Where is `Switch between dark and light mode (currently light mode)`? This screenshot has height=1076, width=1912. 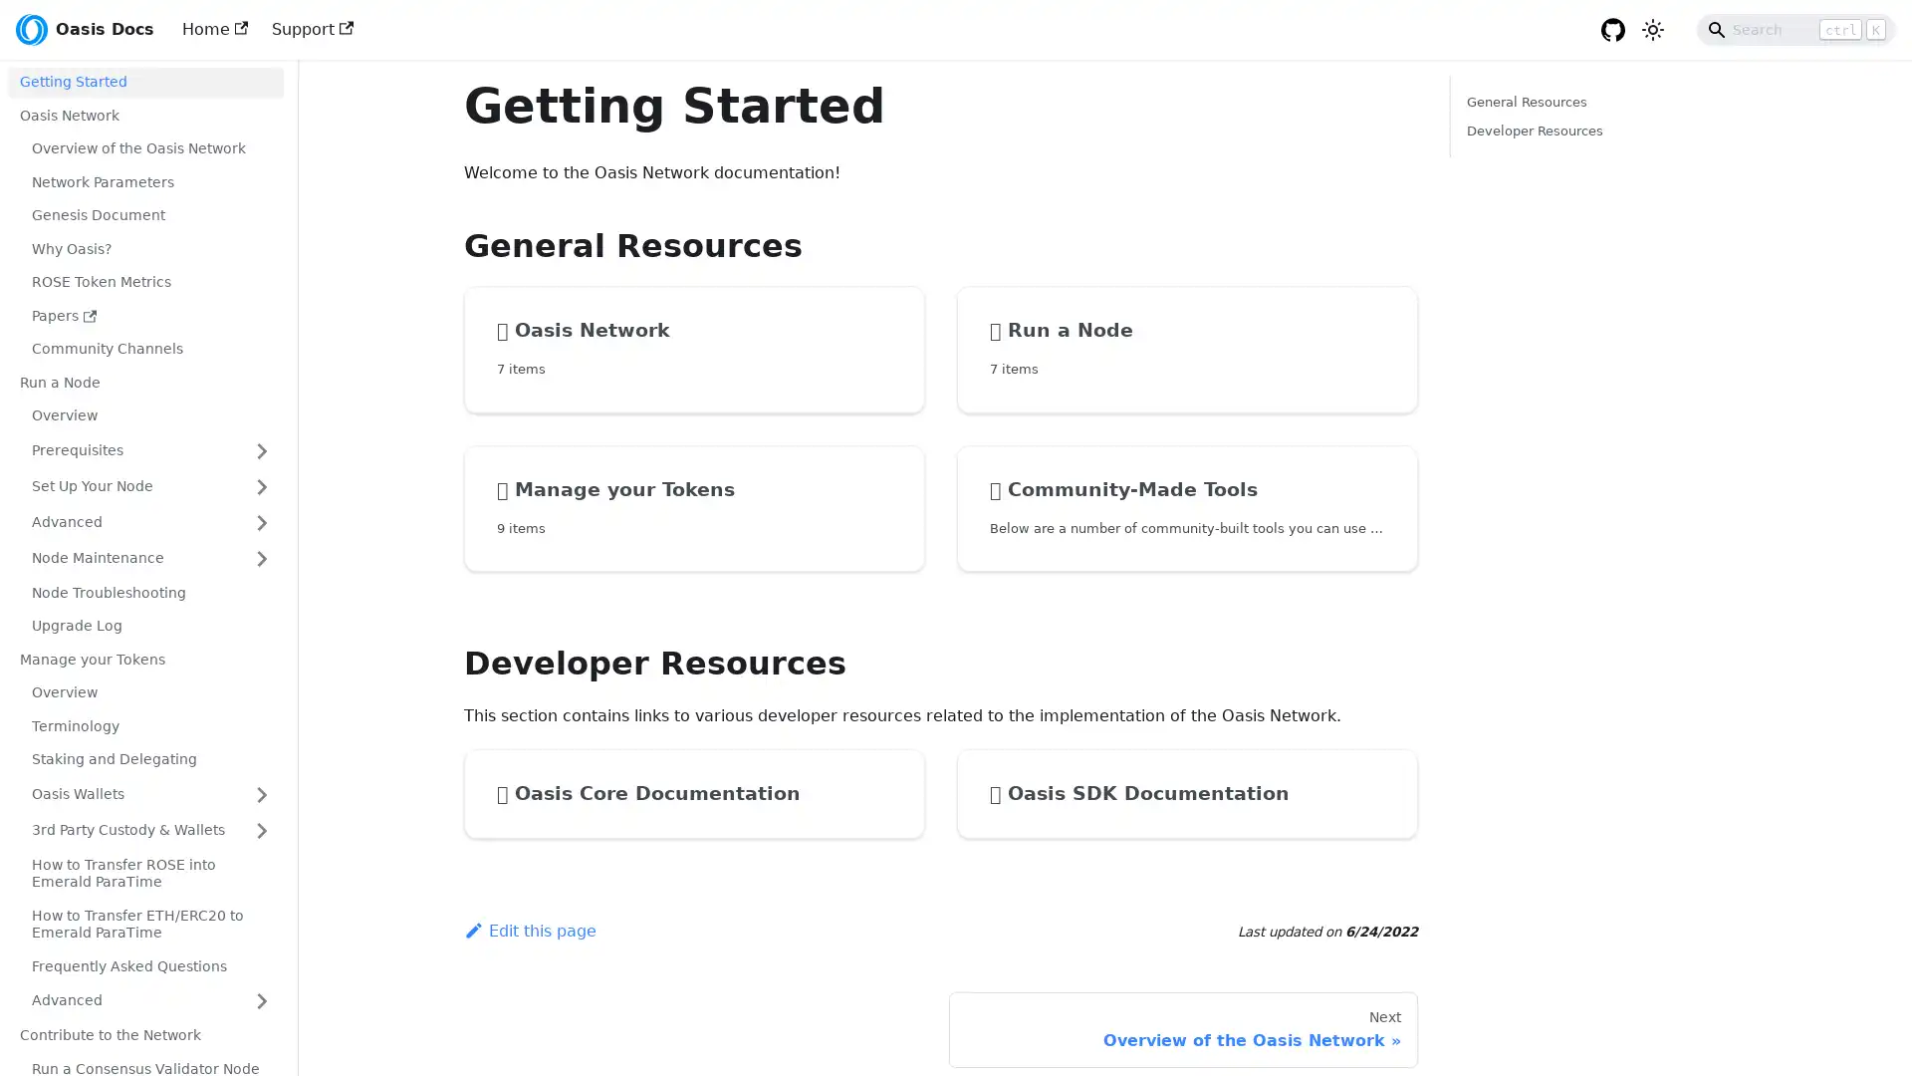
Switch between dark and light mode (currently light mode) is located at coordinates (1653, 30).